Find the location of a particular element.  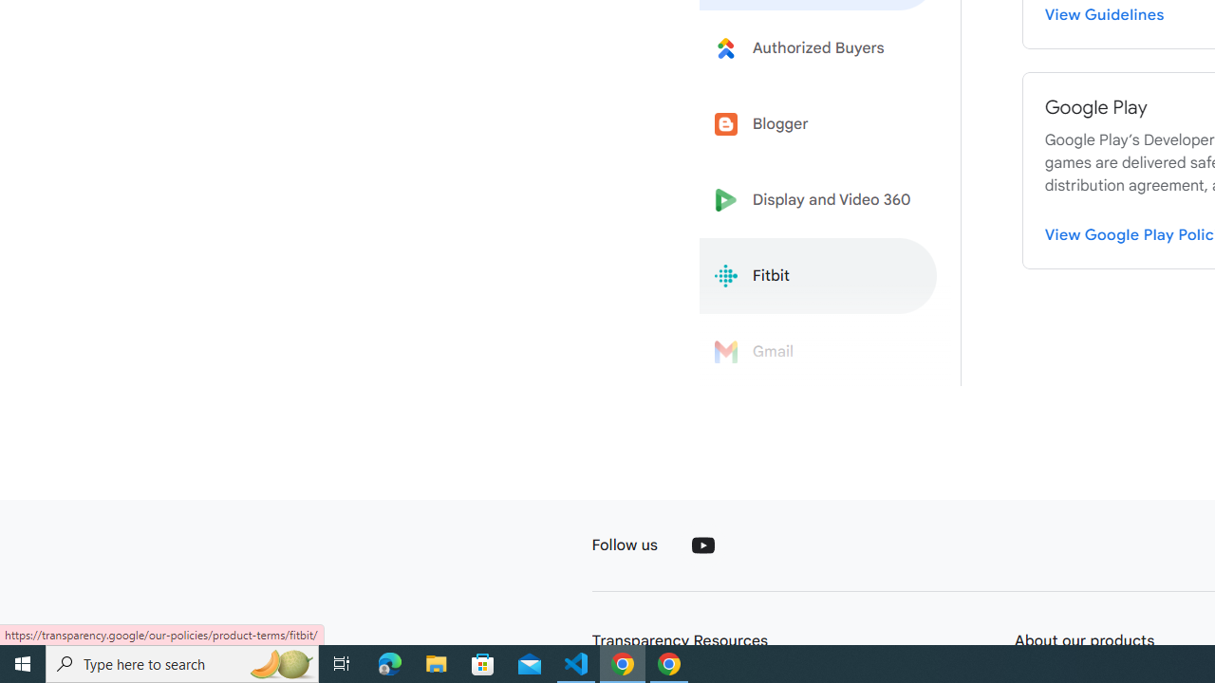

'Blogger' is located at coordinates (818, 124).